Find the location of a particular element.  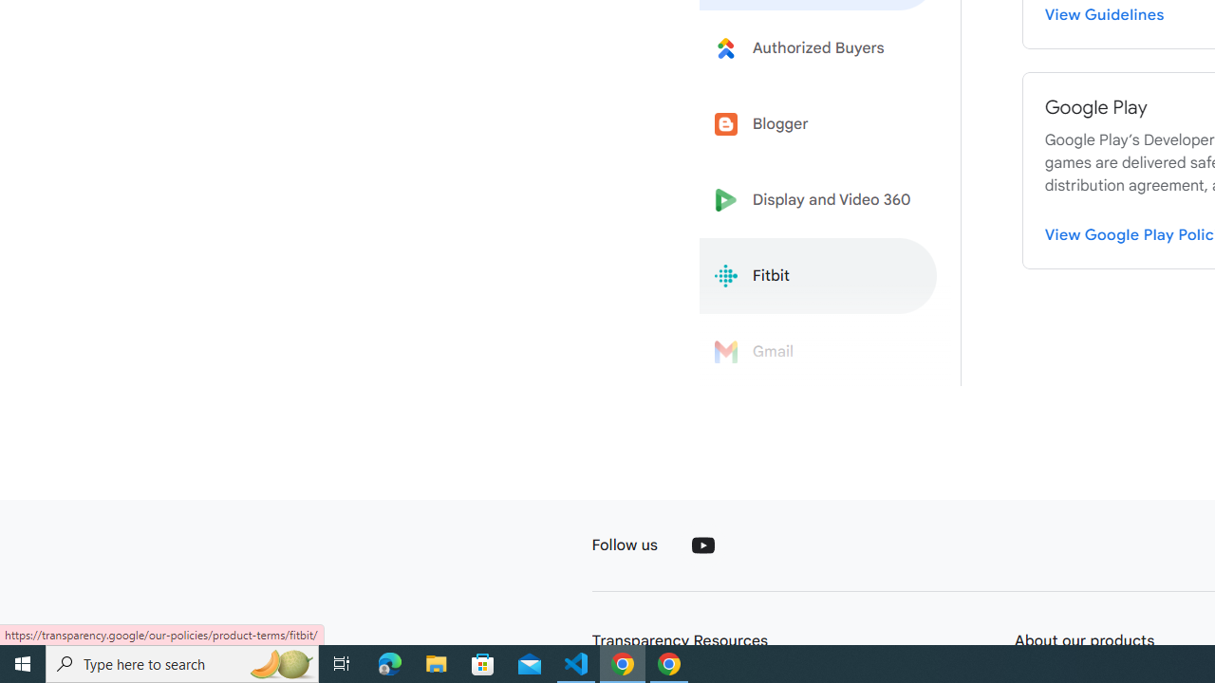

'Blogger' is located at coordinates (818, 124).